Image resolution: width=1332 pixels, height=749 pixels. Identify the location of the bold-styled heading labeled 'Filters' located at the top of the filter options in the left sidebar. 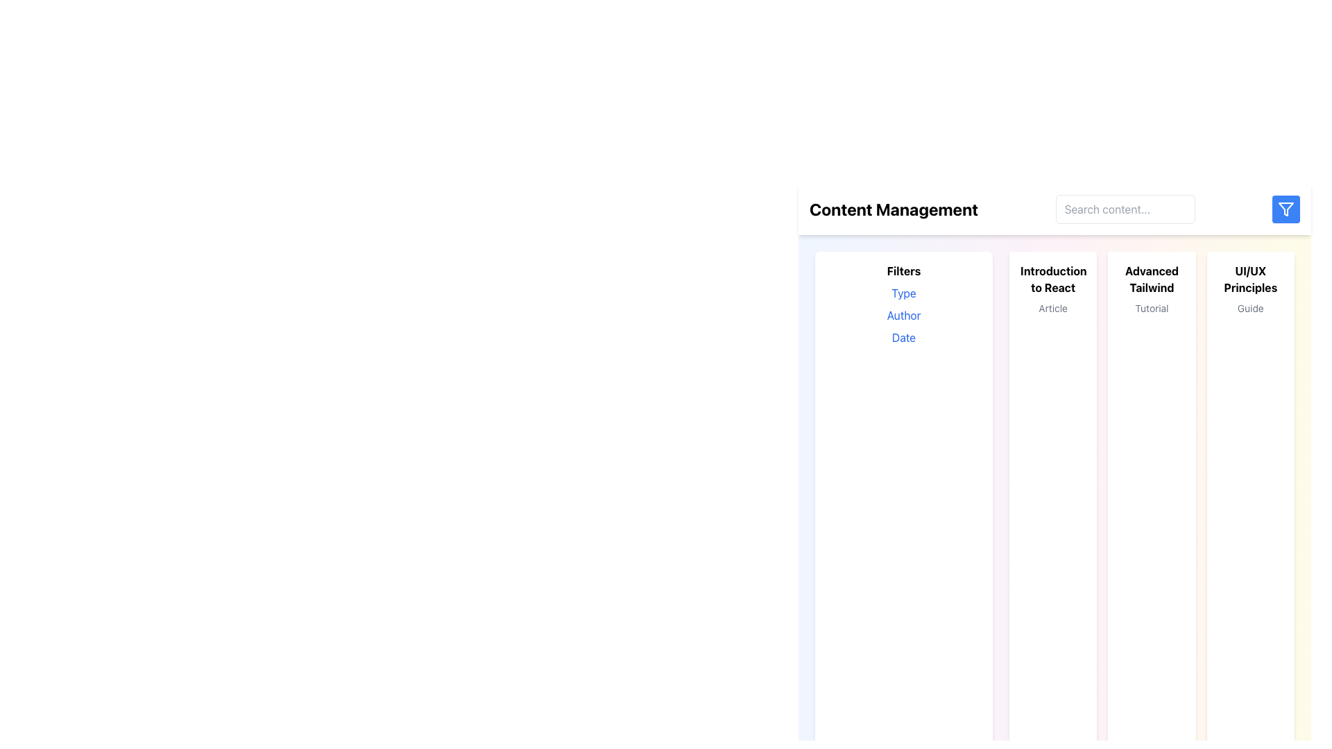
(903, 270).